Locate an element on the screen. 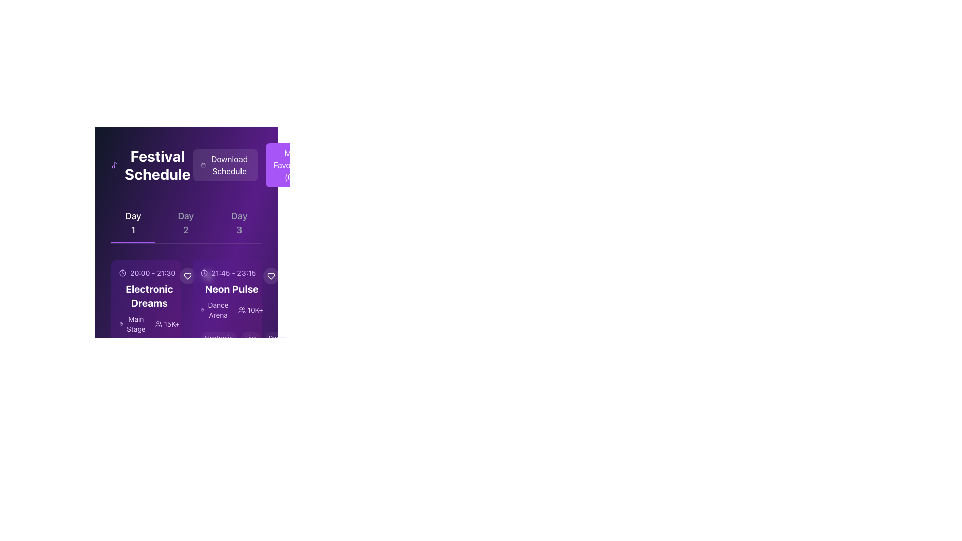 The height and width of the screenshot is (541, 962). 'Live' label, which is a pill-shaped label with light purple text and a white semi-transparent background, located centrally as the second item in a row of three labels under the 'Neon Pulse' event is located at coordinates (251, 338).